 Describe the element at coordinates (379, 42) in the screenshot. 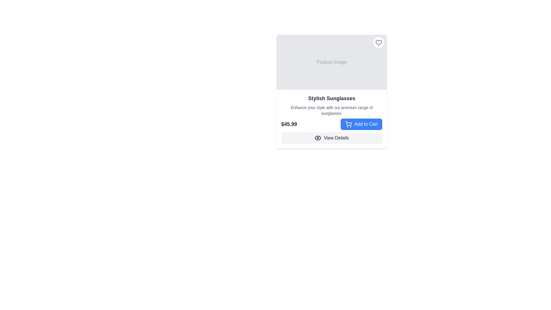

I see `the 'like' button located at the top-right corner of the product image section` at that location.